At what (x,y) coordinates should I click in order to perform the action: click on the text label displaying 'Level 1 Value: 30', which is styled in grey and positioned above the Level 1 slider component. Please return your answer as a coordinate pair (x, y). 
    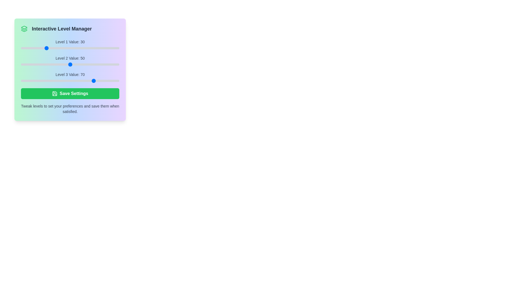
    Looking at the image, I should click on (70, 42).